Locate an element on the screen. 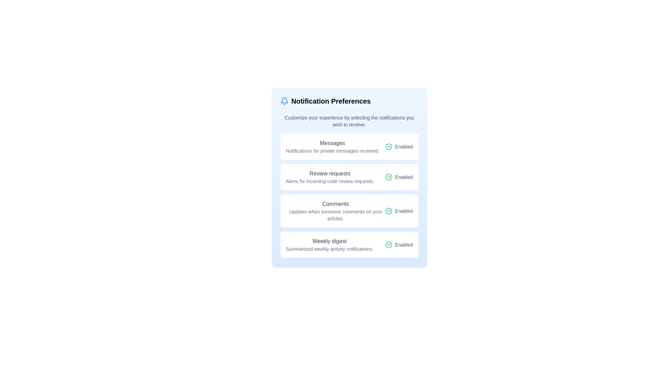 This screenshot has width=663, height=373. status indicator text located in the 'Review requests' section of the 'Notification Preferences' panel, which shows that the option is activated or operational is located at coordinates (399, 177).